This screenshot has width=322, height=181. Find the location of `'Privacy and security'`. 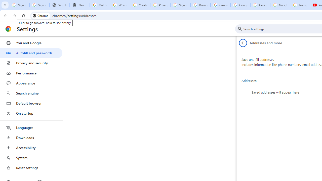

'Privacy and security' is located at coordinates (31, 63).